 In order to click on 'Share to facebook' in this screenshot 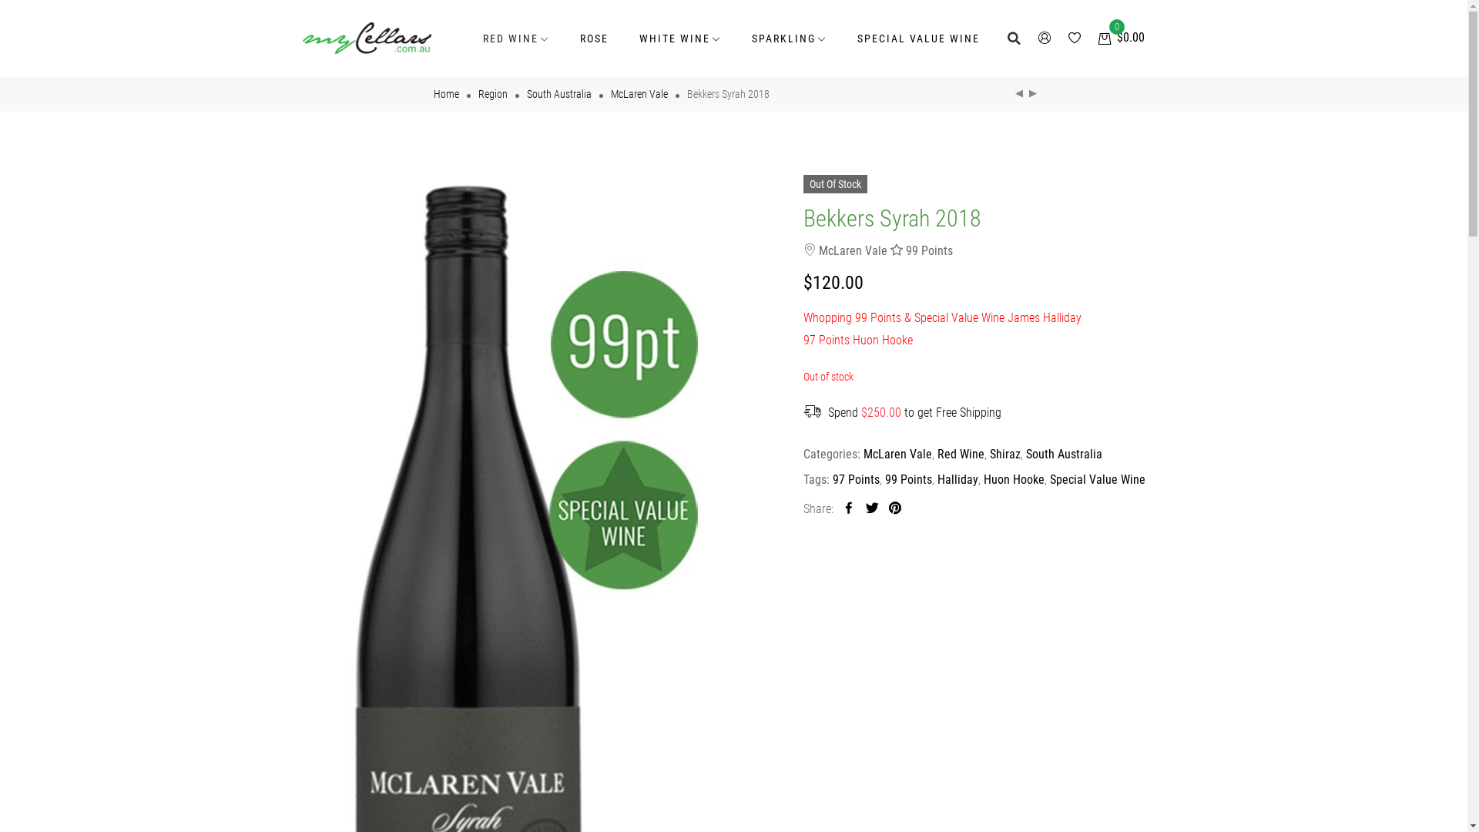, I will do `click(848, 508)`.